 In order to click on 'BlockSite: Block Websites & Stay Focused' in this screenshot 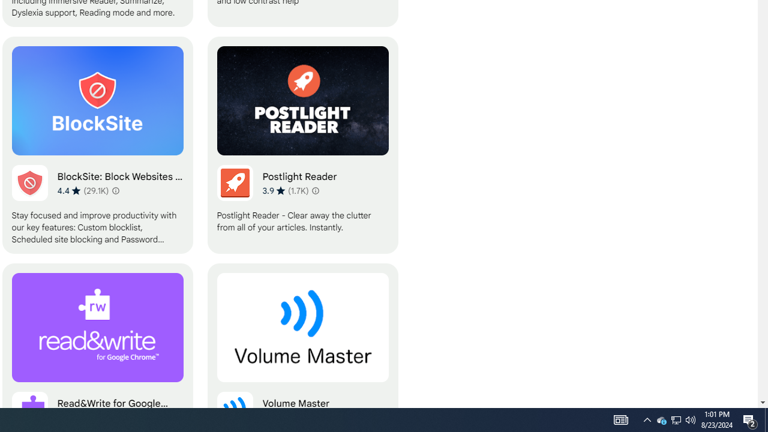, I will do `click(97, 145)`.